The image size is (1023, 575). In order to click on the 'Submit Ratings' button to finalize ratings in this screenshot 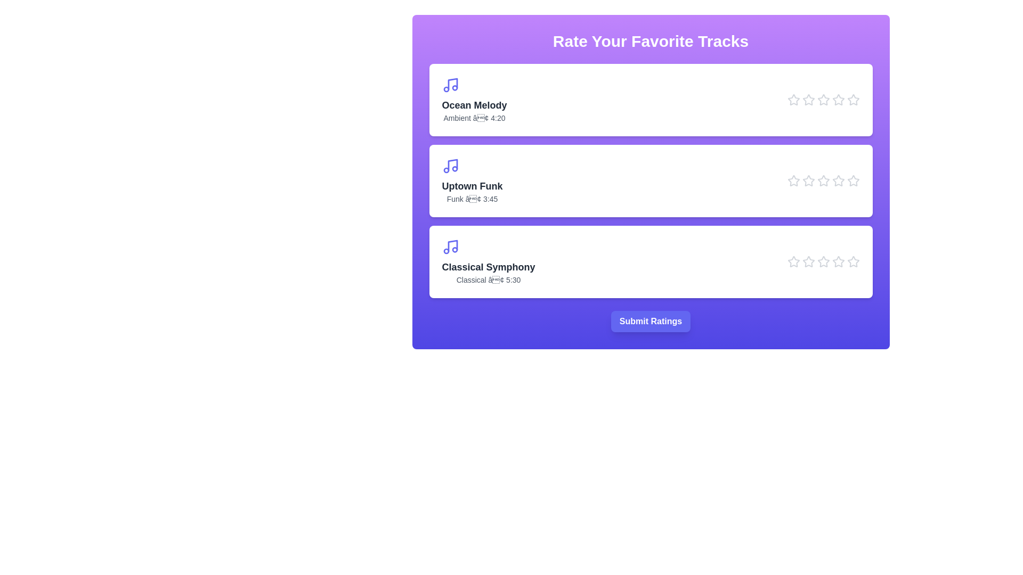, I will do `click(650, 321)`.